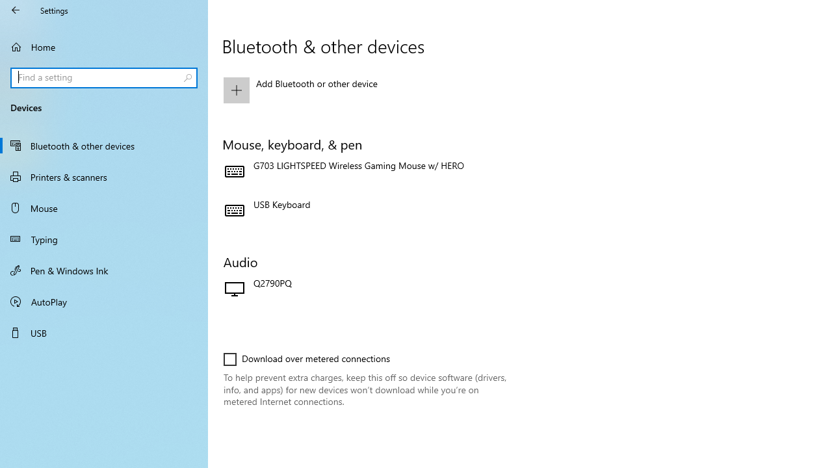 The image size is (832, 468). Describe the element at coordinates (104, 302) in the screenshot. I see `'AutoPlay'` at that location.